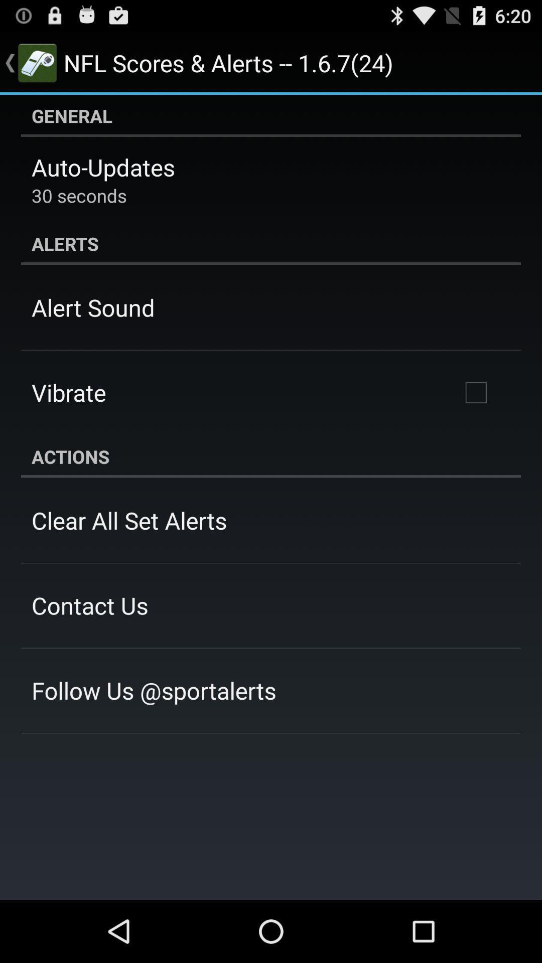  Describe the element at coordinates (93, 307) in the screenshot. I see `alert sound icon` at that location.